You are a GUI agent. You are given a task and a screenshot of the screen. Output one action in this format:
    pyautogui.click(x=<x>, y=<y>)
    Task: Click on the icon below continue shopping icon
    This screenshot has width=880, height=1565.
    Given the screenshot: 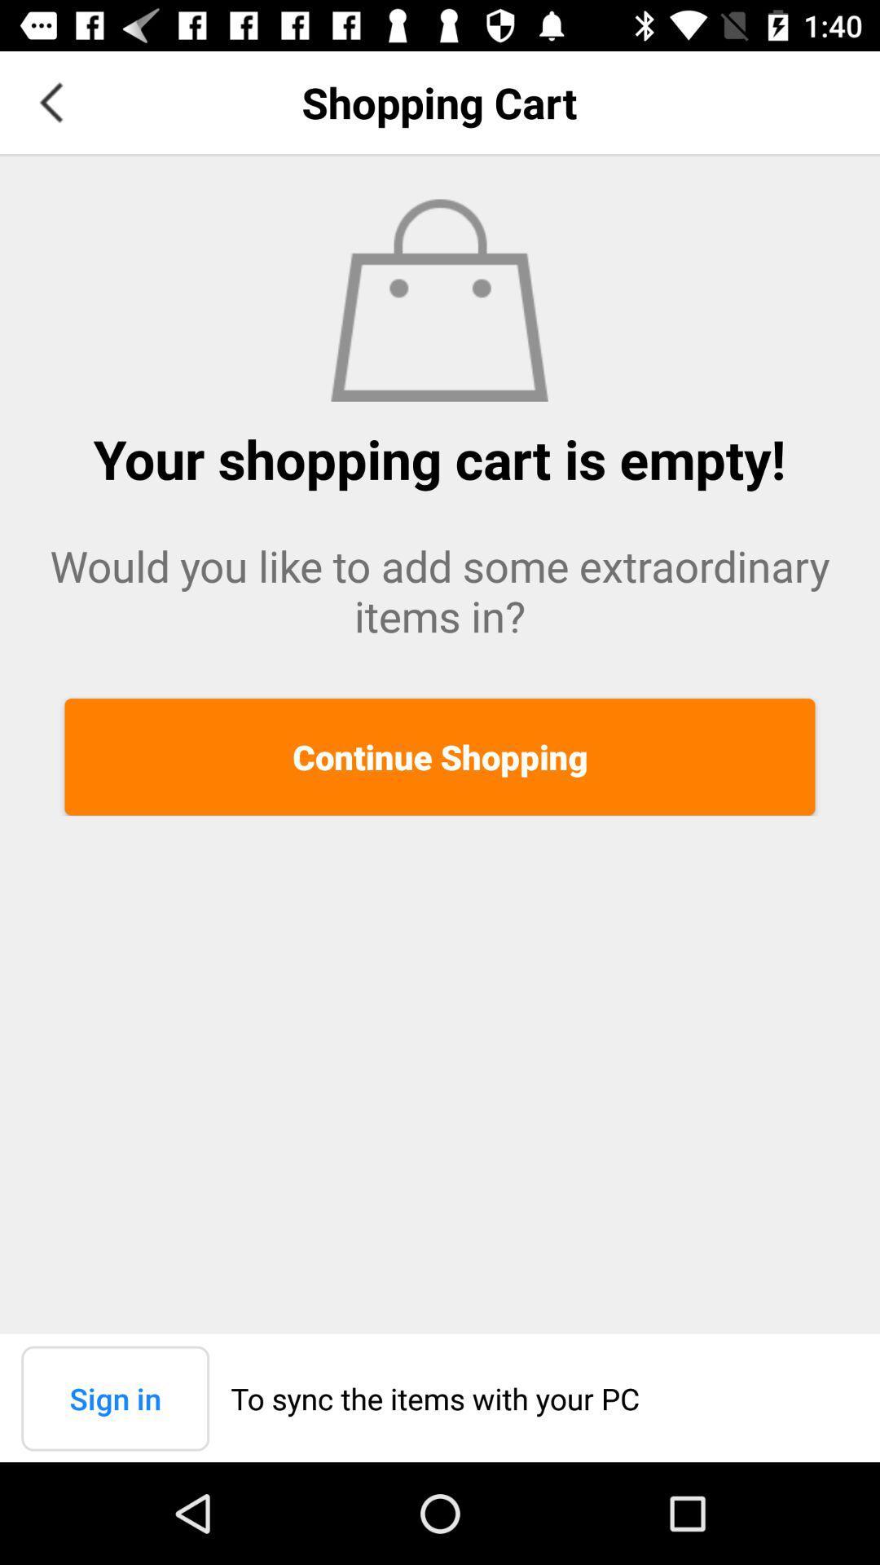 What is the action you would take?
    pyautogui.click(x=114, y=1397)
    